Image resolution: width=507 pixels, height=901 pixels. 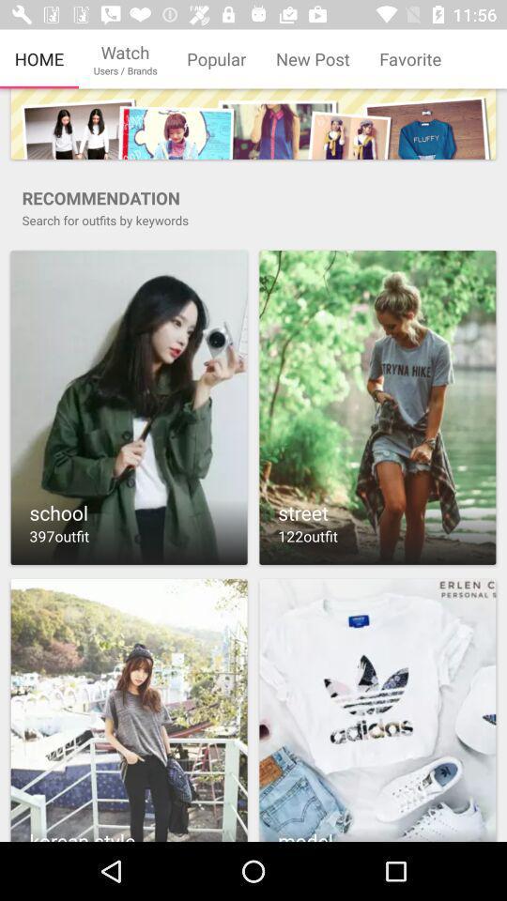 What do you see at coordinates (128, 709) in the screenshot?
I see `picture` at bounding box center [128, 709].